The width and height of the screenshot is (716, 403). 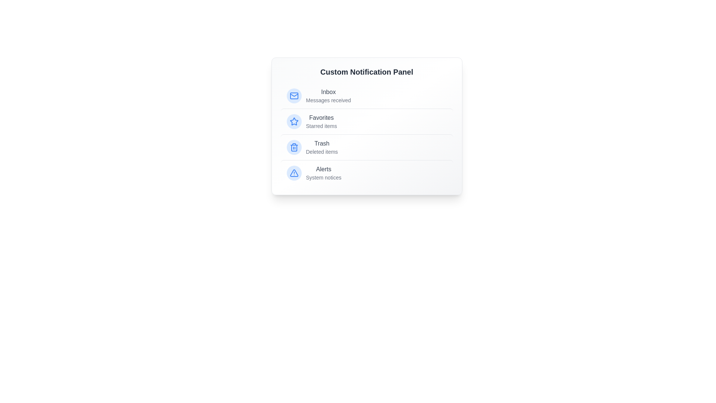 What do you see at coordinates (293, 96) in the screenshot?
I see `the icon associated with the list item Inbox` at bounding box center [293, 96].